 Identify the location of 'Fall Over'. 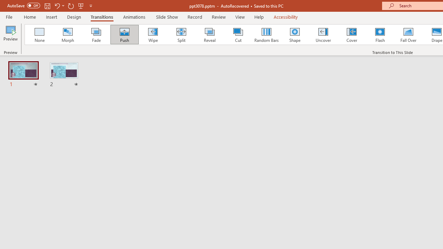
(408, 35).